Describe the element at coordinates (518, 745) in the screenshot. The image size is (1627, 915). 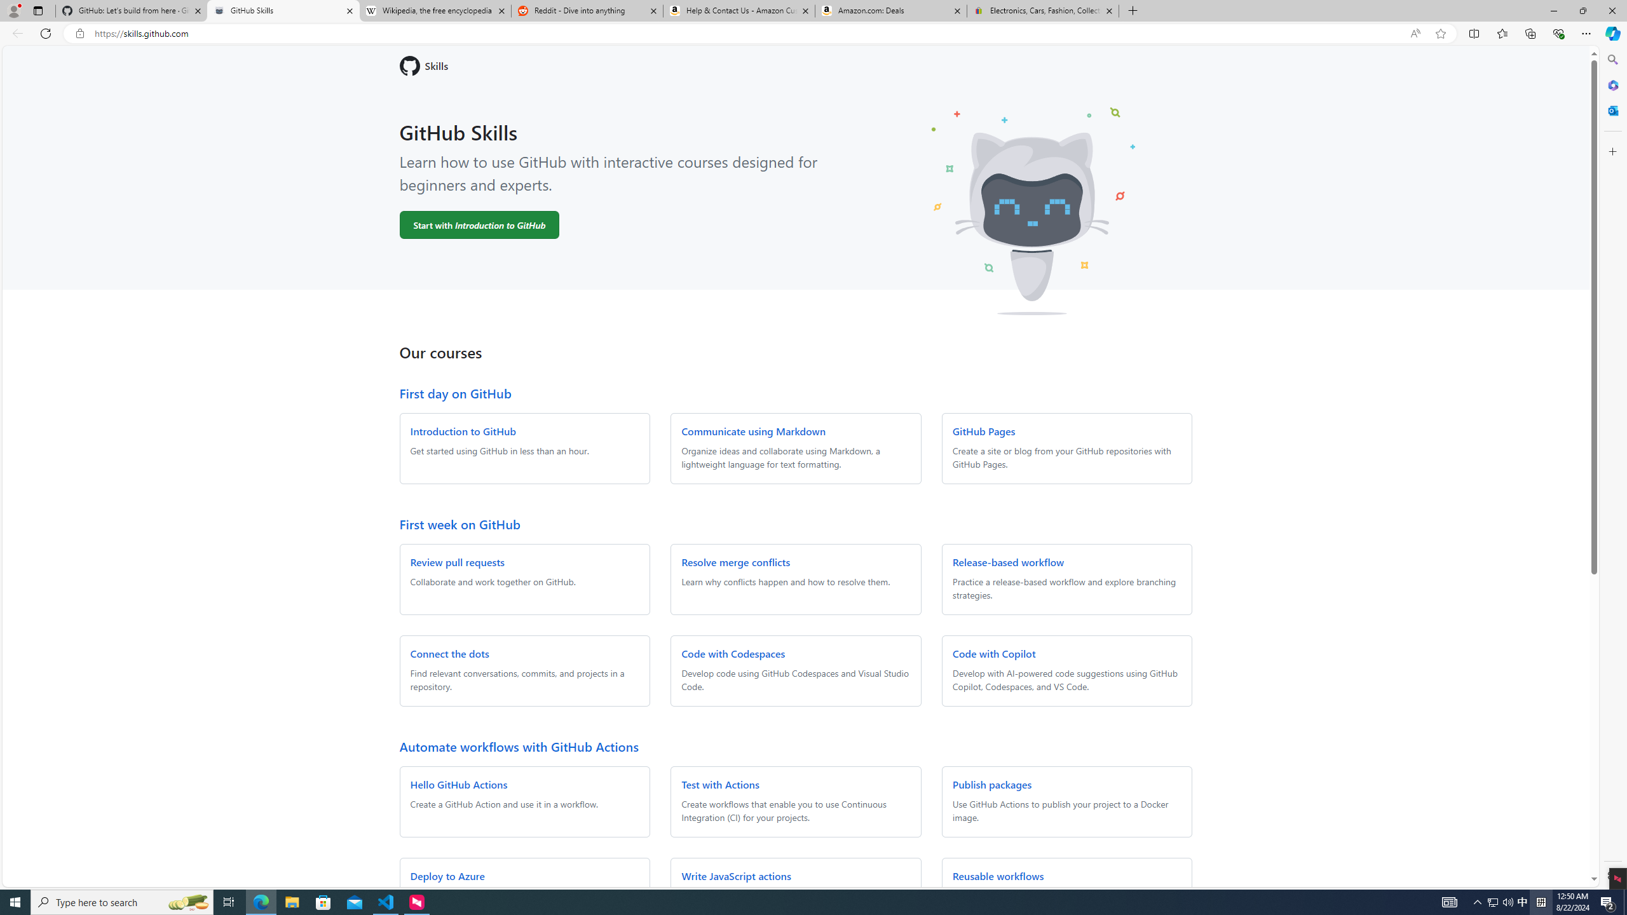
I see `'Automate workflows with GitHub Actions'` at that location.